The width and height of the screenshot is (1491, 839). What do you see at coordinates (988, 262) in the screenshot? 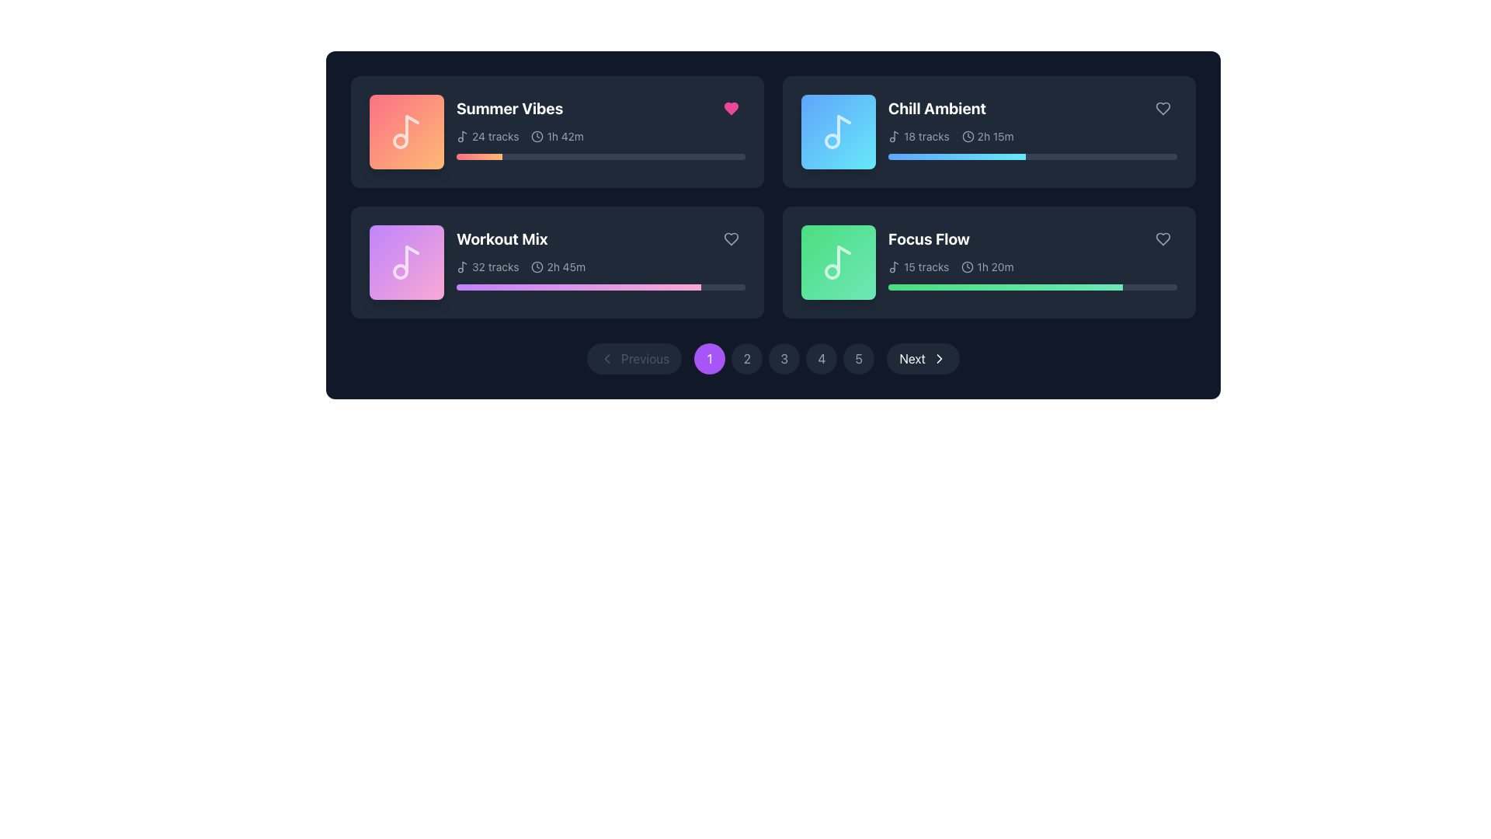
I see `the dark rectangular card displaying 'Focus Flow' with a musical note icon, located in the bottom-right quadrant of the grid layout` at bounding box center [988, 262].